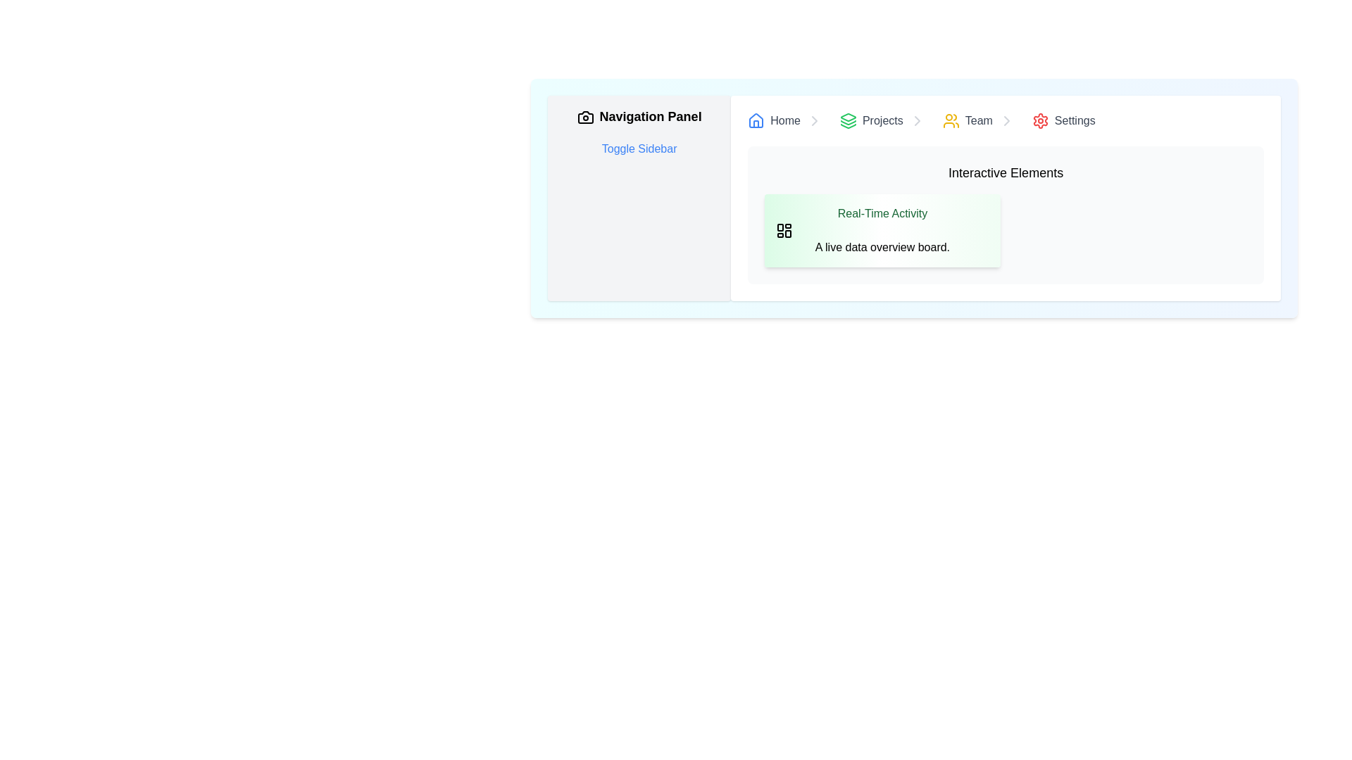 Image resolution: width=1352 pixels, height=760 pixels. What do you see at coordinates (639, 115) in the screenshot?
I see `the 'Navigation Panel' title, which is a bold, large-sized text with an inline camera icon, positioned at the upper section of the sidebar` at bounding box center [639, 115].